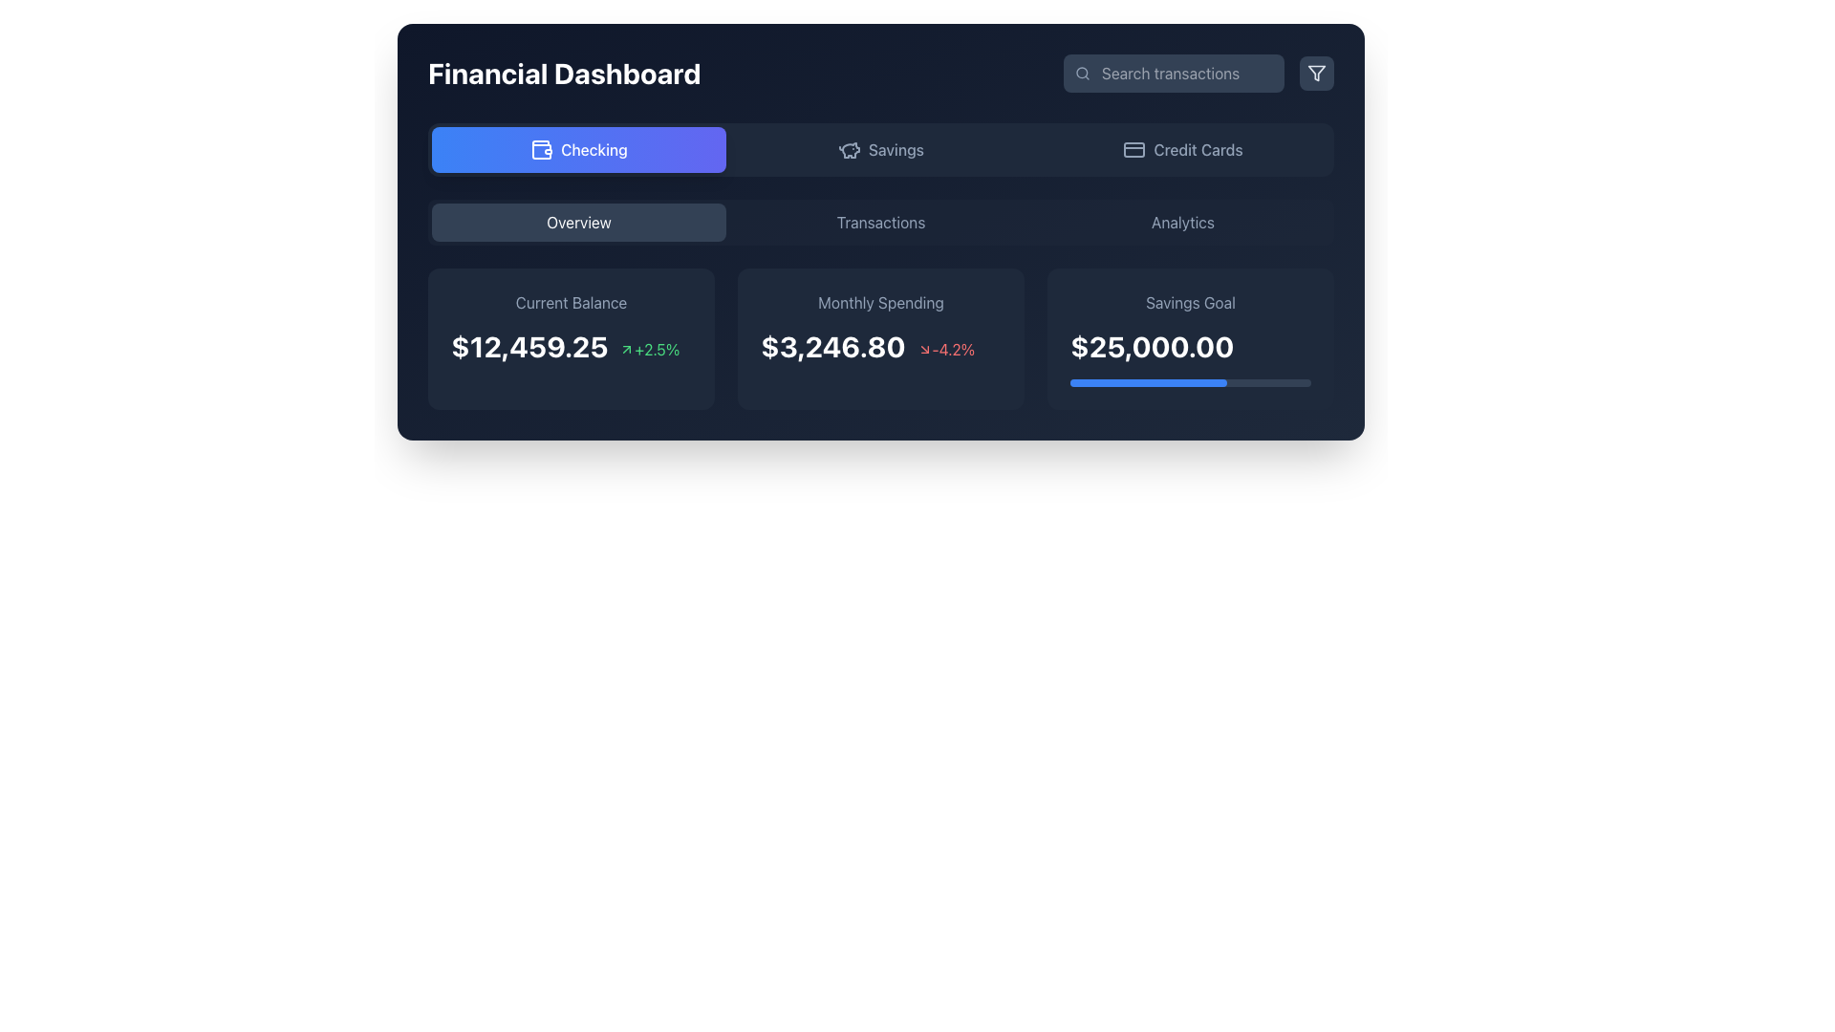  What do you see at coordinates (649, 350) in the screenshot?
I see `the Text Display with an Icon element showing '+2.5%' styled in green, located to the right of the bold white text '$12,459.25'` at bounding box center [649, 350].